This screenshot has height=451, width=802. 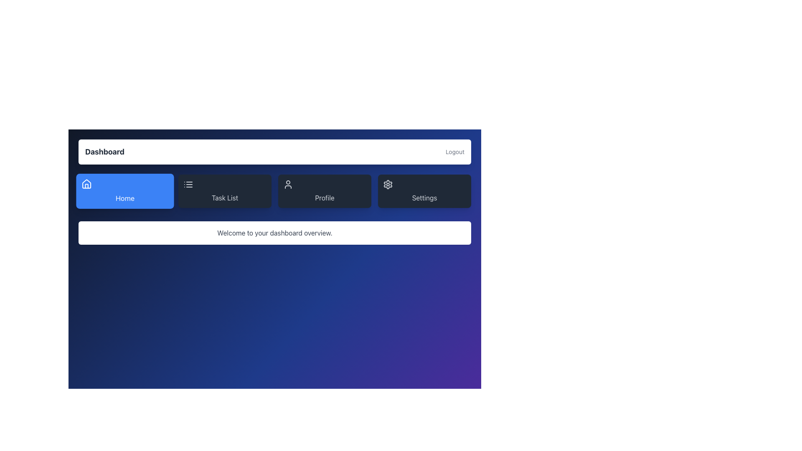 What do you see at coordinates (274, 233) in the screenshot?
I see `welcoming message in the Informational Text Block located below the navigation panel on the dashboard interface` at bounding box center [274, 233].